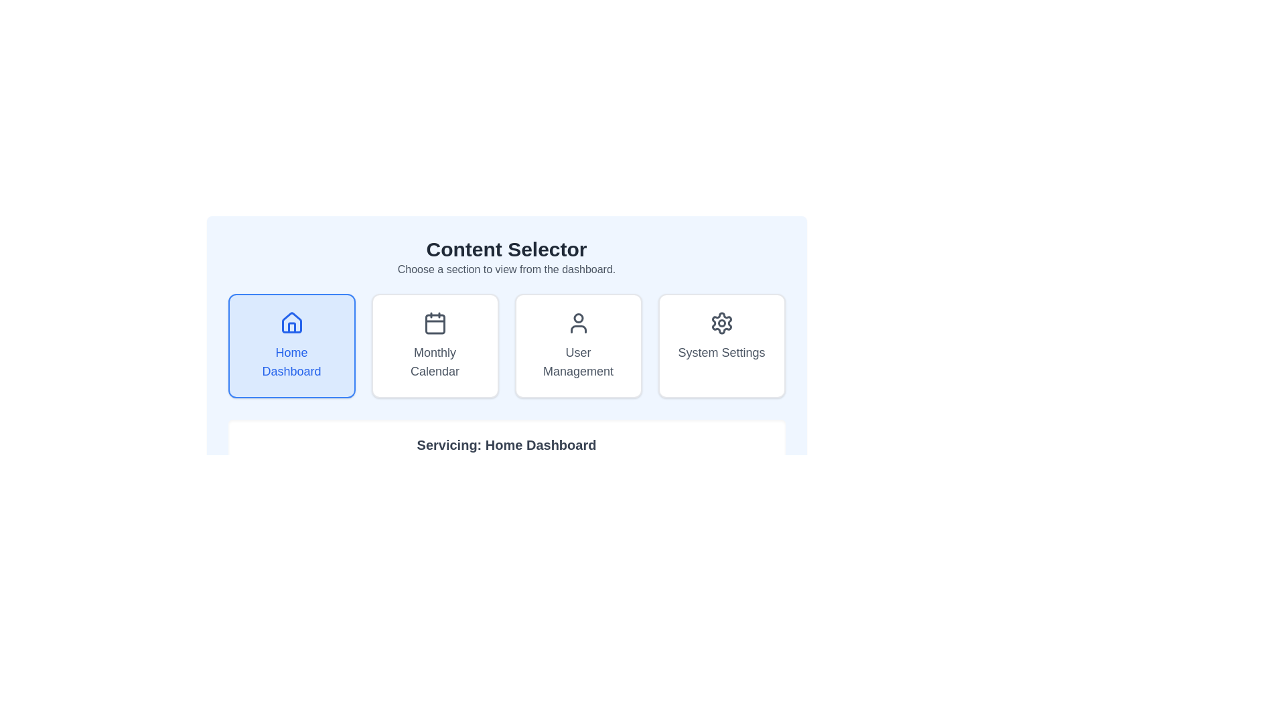  Describe the element at coordinates (721, 345) in the screenshot. I see `the 'System Settings' interactive card located in the fourth column of the grid layout by clicking on it to indicate selection` at that location.